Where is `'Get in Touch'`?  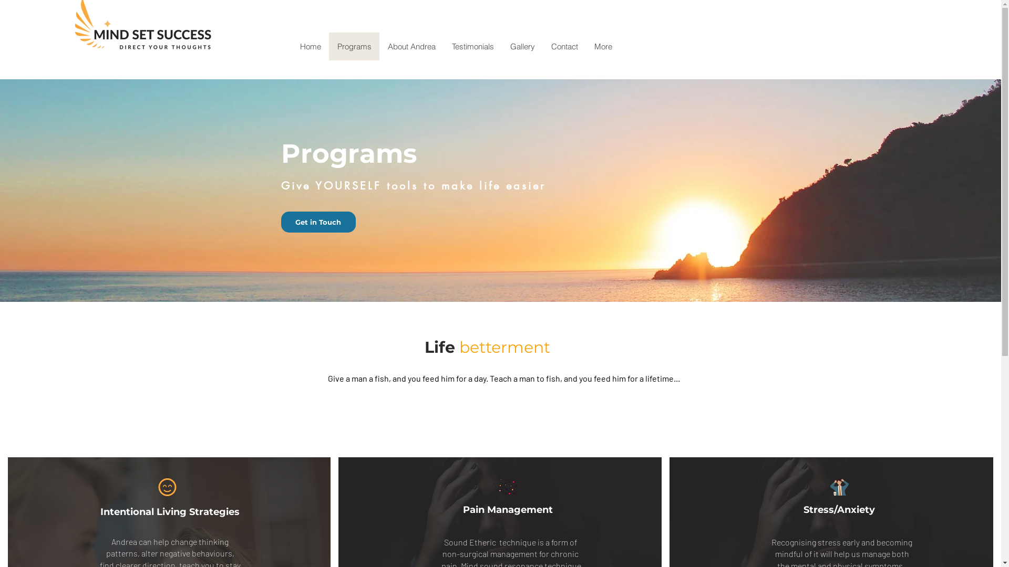 'Get in Touch' is located at coordinates (280, 222).